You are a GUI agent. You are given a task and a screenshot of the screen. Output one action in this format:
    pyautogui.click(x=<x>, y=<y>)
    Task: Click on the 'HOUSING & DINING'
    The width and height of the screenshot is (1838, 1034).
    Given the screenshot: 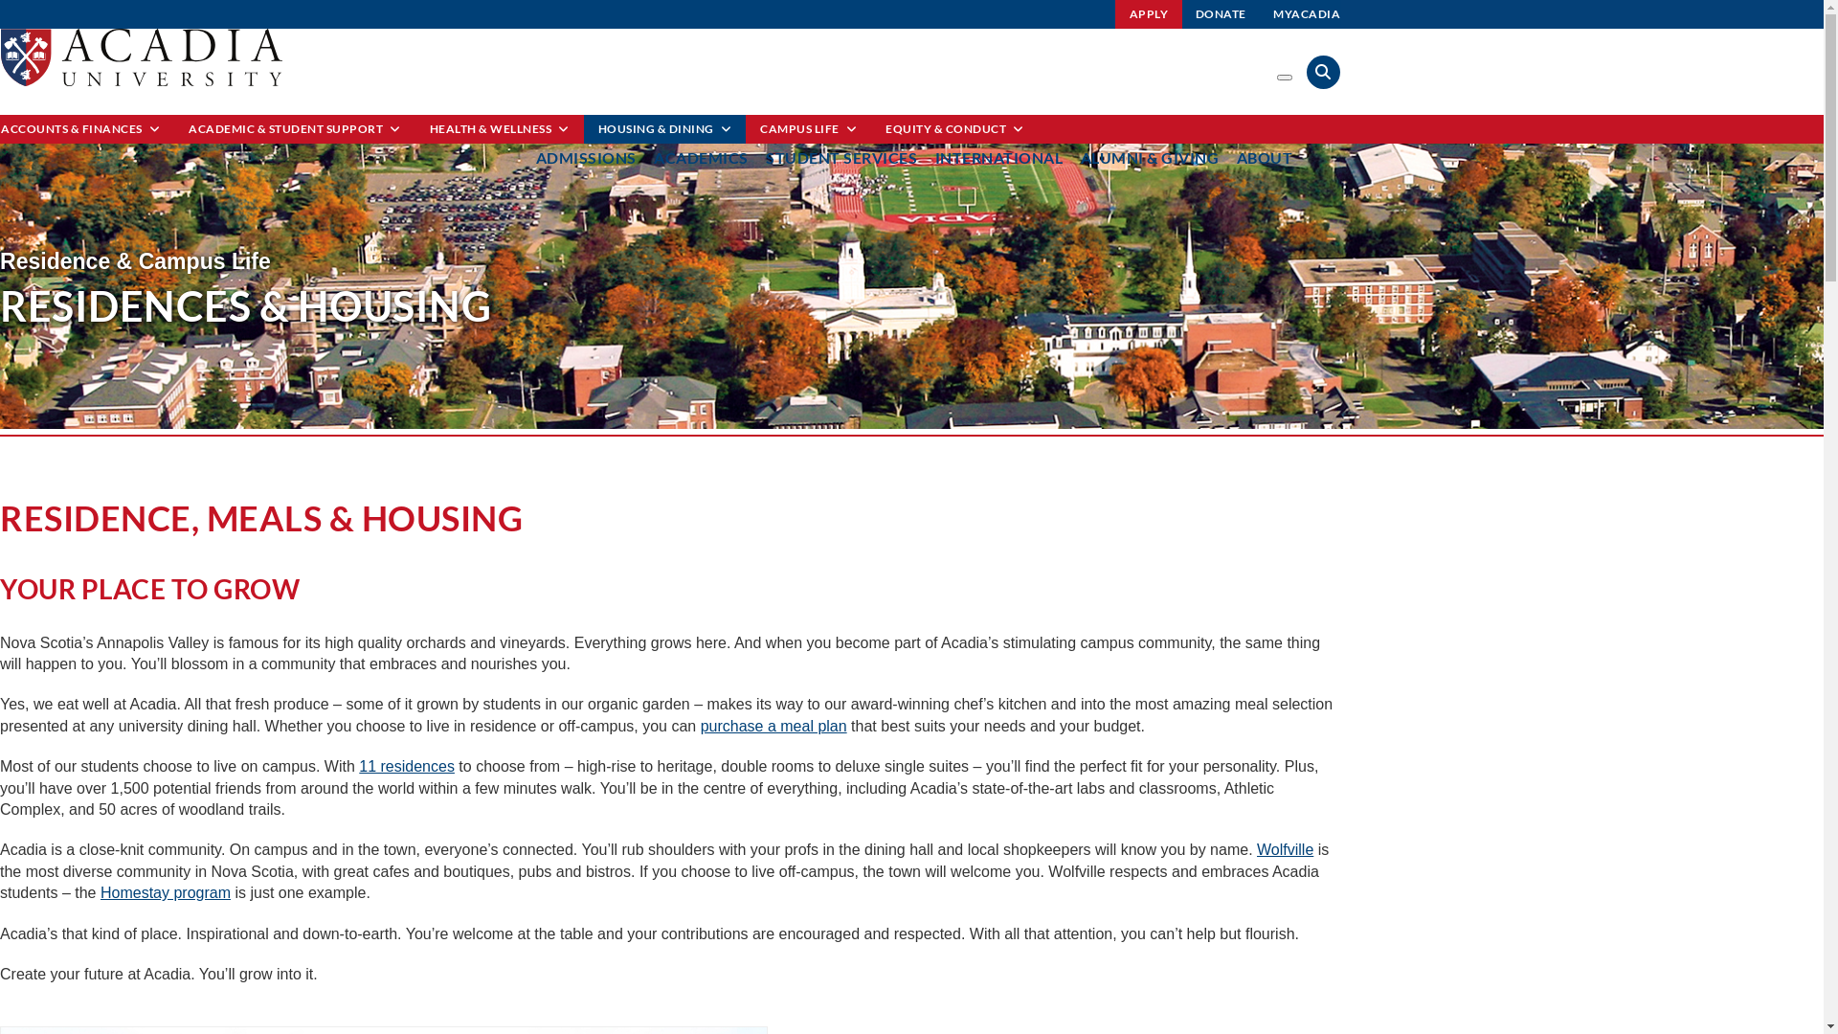 What is the action you would take?
    pyautogui.click(x=665, y=129)
    